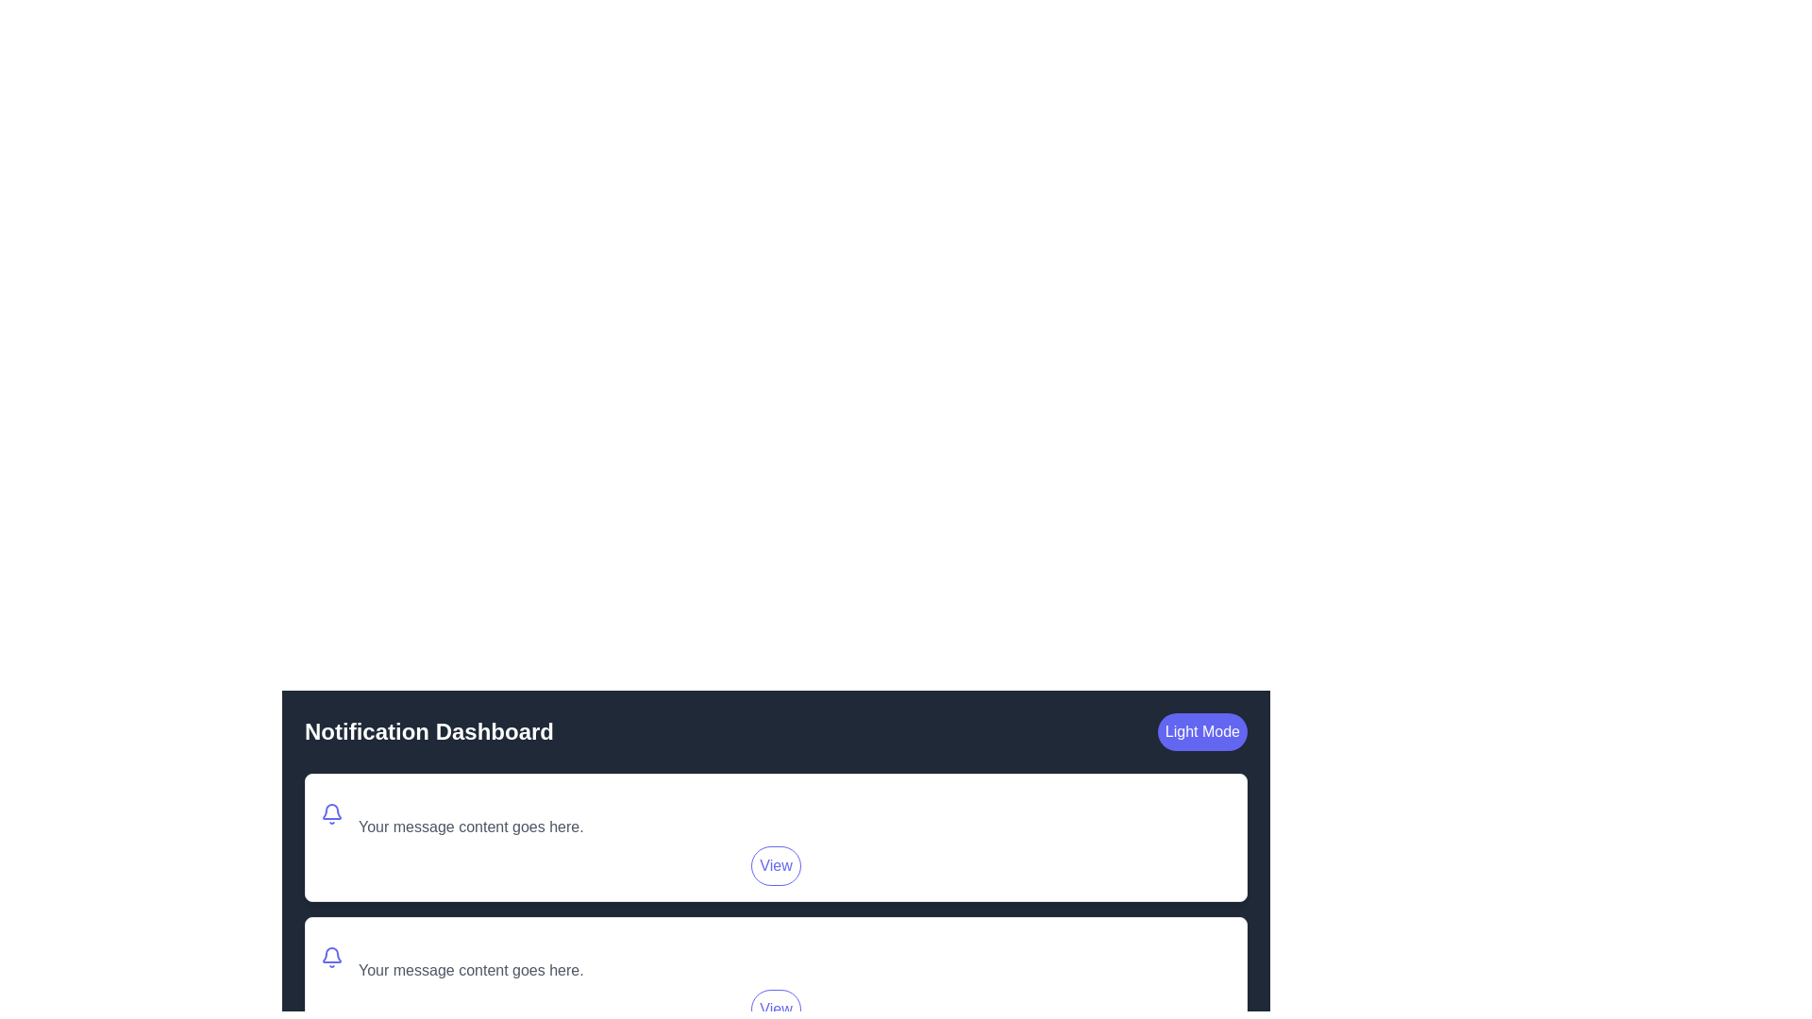 The image size is (1812, 1019). I want to click on the bell icon located at the top-left corner of the notification card, so click(331, 957).